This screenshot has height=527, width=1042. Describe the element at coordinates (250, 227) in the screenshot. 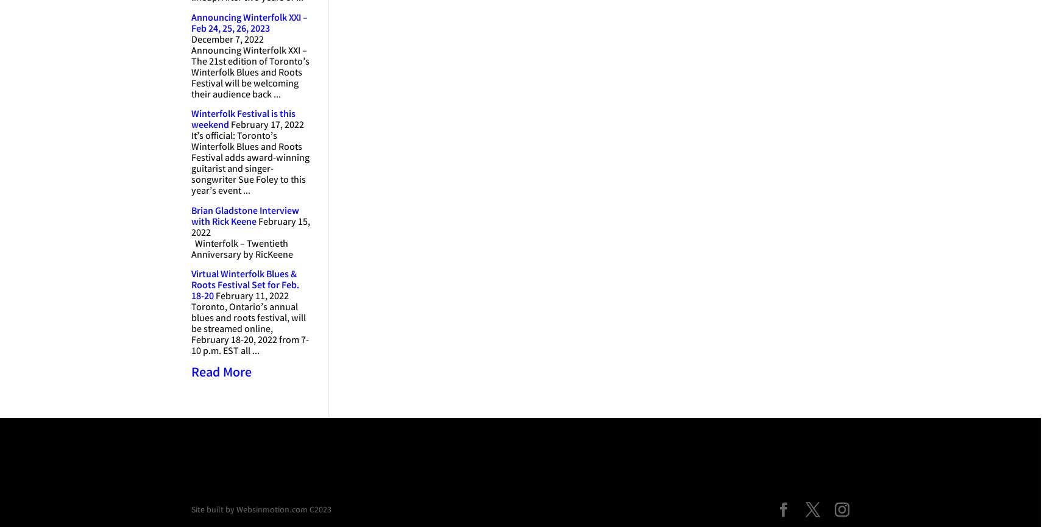

I see `'February 15, 2022'` at that location.